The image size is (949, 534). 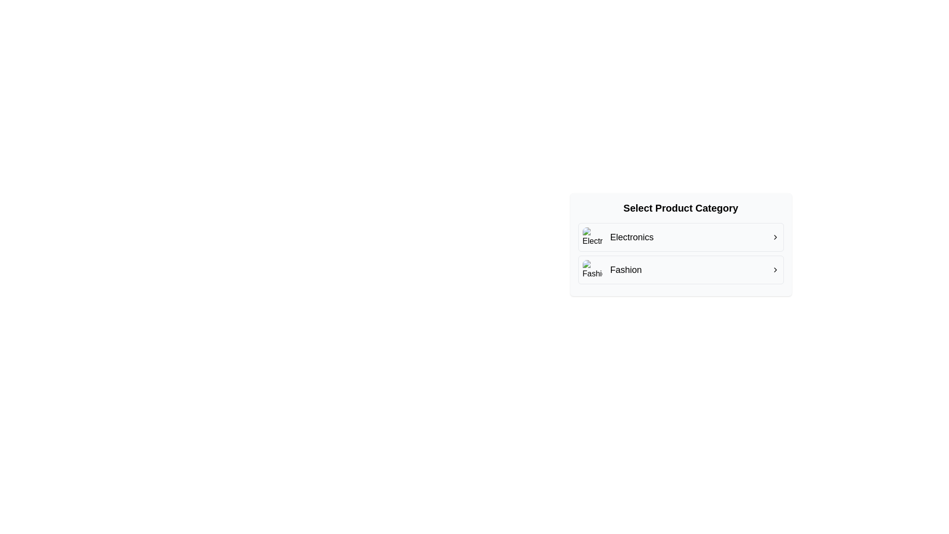 What do you see at coordinates (680, 270) in the screenshot?
I see `the 'Fashion' category item in the selection list to indicate focus` at bounding box center [680, 270].